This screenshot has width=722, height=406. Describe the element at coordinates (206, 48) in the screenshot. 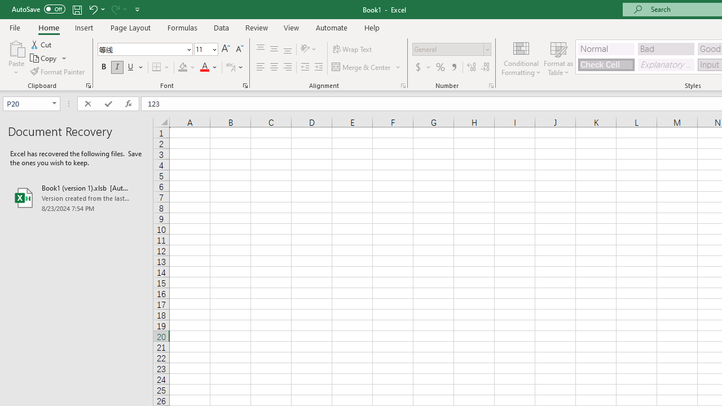

I see `'Font Size'` at that location.